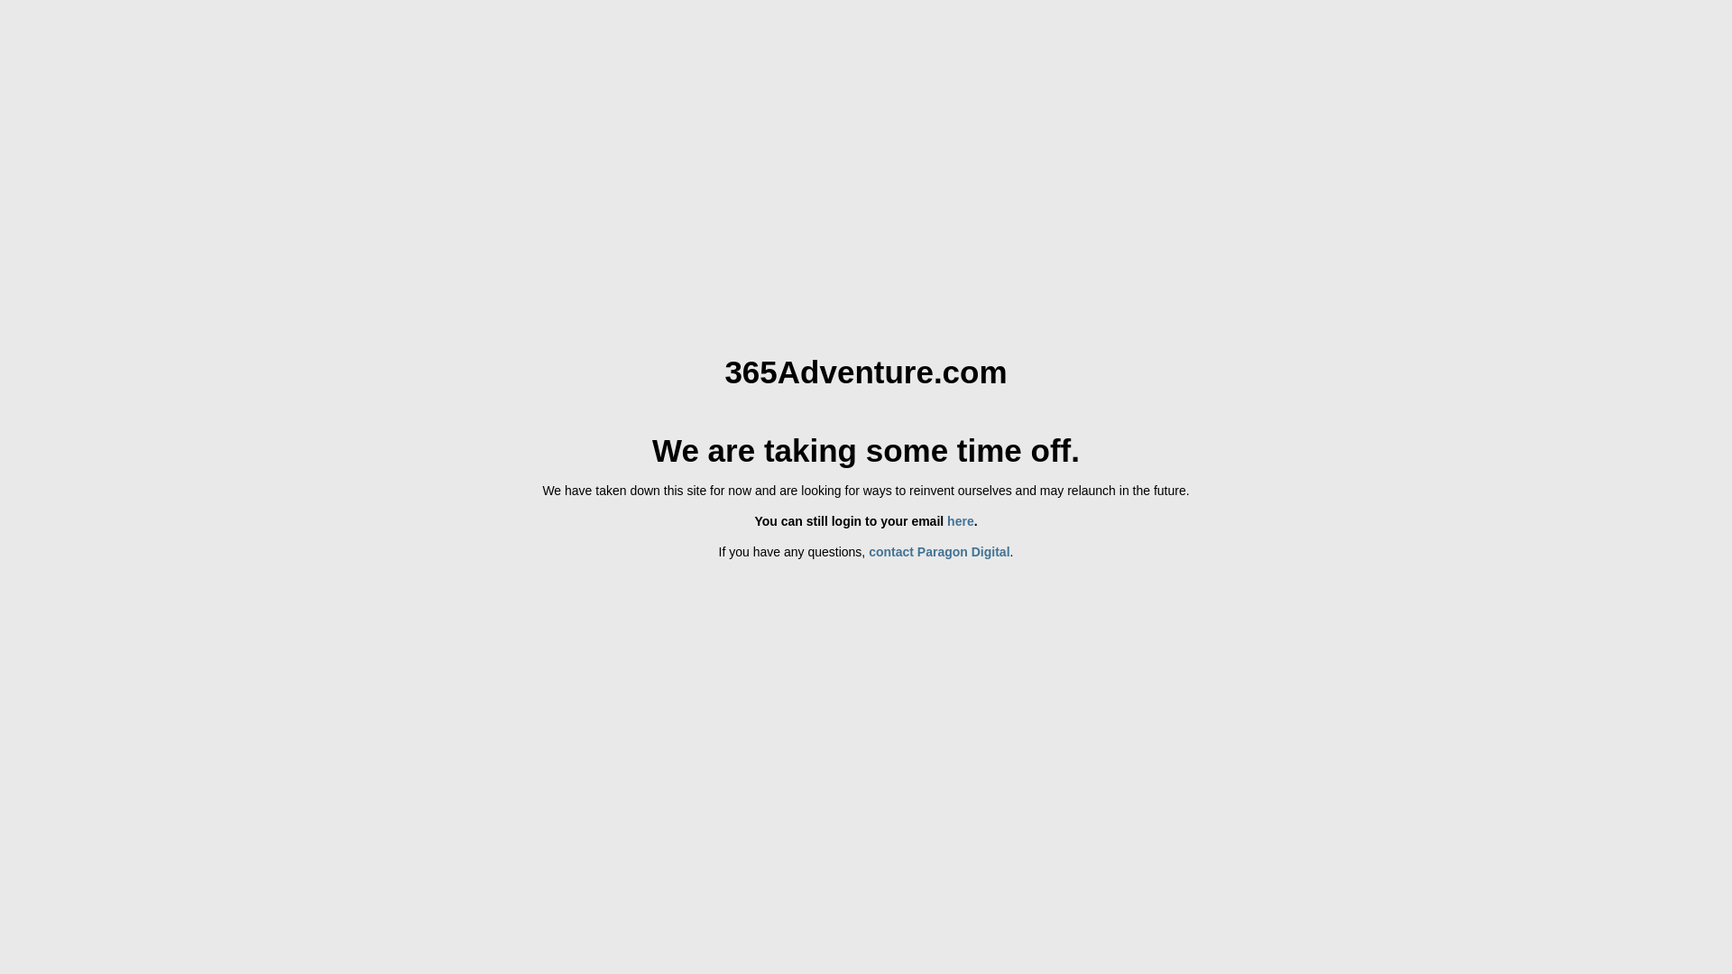  Describe the element at coordinates (938, 551) in the screenshot. I see `'contact Paragon Digital'` at that location.